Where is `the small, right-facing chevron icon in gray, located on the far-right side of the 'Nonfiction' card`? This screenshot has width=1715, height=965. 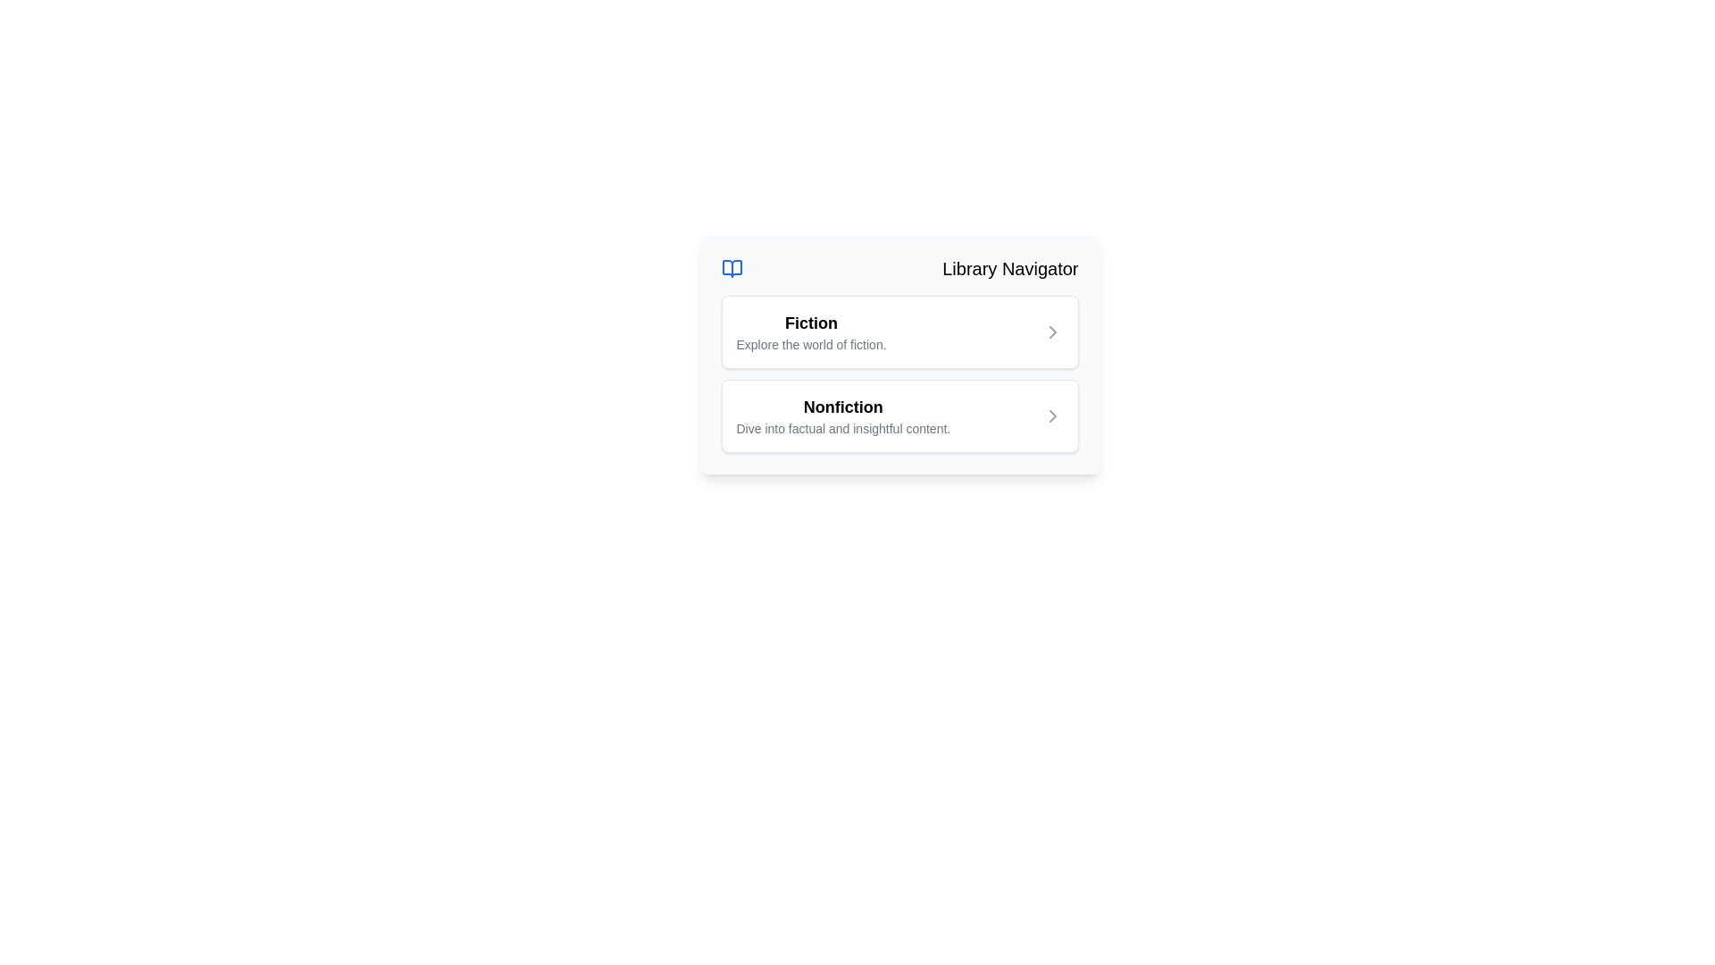 the small, right-facing chevron icon in gray, located on the far-right side of the 'Nonfiction' card is located at coordinates (1052, 416).